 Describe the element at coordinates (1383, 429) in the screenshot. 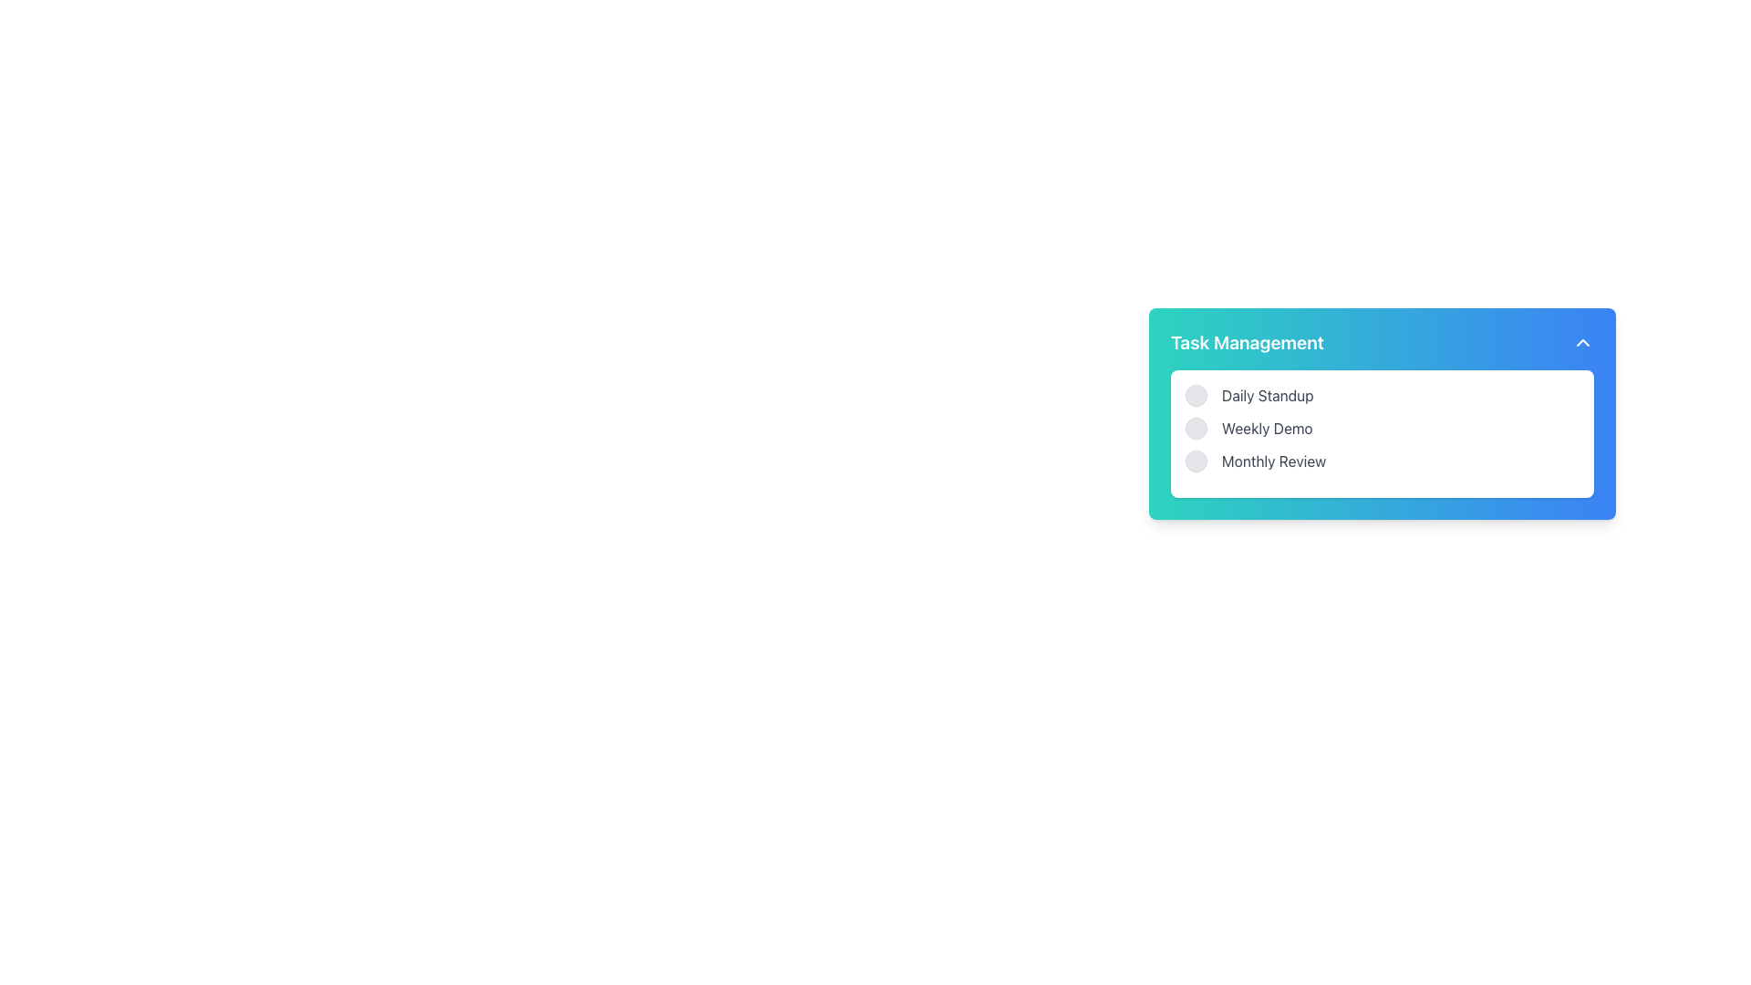

I see `the checkbox in the 'Weekly Demo' row` at that location.